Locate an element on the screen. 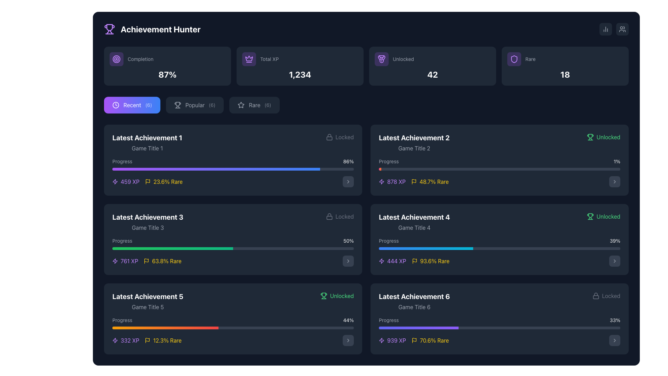  the purple-colored text label displaying '761 XP' located in the third card under 'Latest Achievement 3', below the progress bar and adjacent to the lightning bolt icon is located at coordinates (129, 261).